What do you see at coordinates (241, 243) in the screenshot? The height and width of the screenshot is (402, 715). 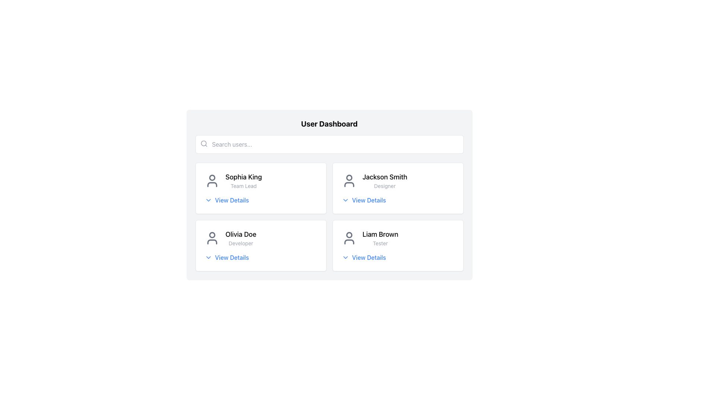 I see `the static text label indicating the job title associated with the user 'Olivia Doe', located in the bottom portion of the user profile section` at bounding box center [241, 243].